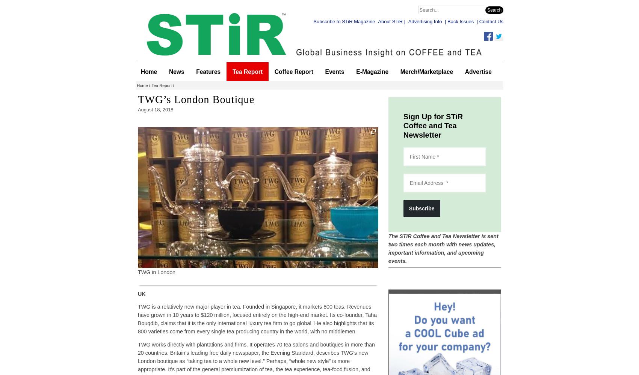  Describe the element at coordinates (168, 71) in the screenshot. I see `'News'` at that location.